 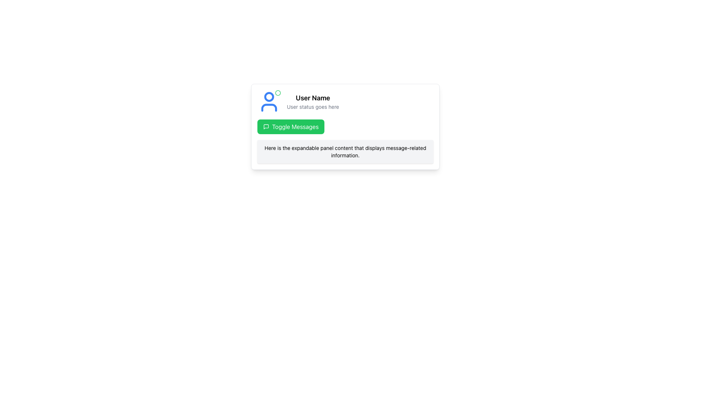 I want to click on the static text label displaying 'User Name', which is styled in bold and larger font, located in the top-left corner above 'User status goes here', so click(x=313, y=97).